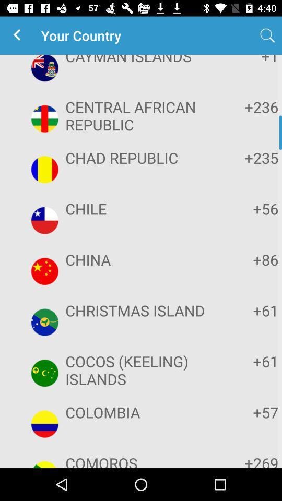 This screenshot has height=501, width=282. Describe the element at coordinates (246, 259) in the screenshot. I see `the app next to the china icon` at that location.